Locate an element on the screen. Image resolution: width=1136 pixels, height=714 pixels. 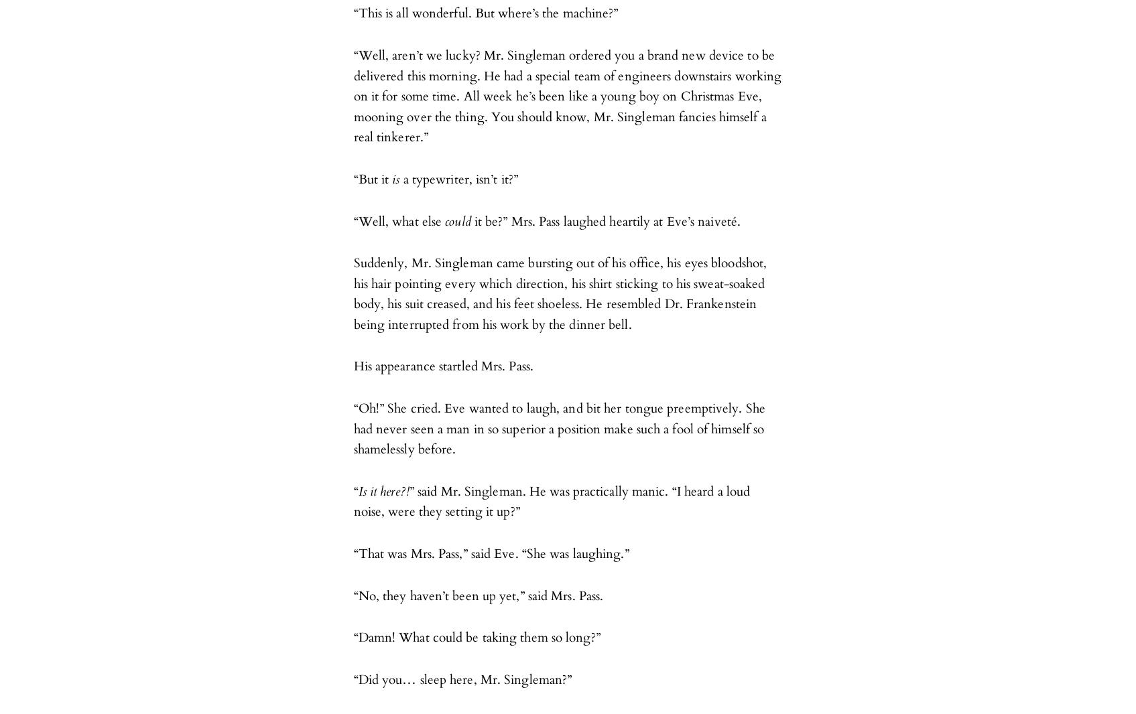
'” said Mr. Singleman. He was practically manic. “I heard a loud noise, were they setting it up?”' is located at coordinates (551, 500).